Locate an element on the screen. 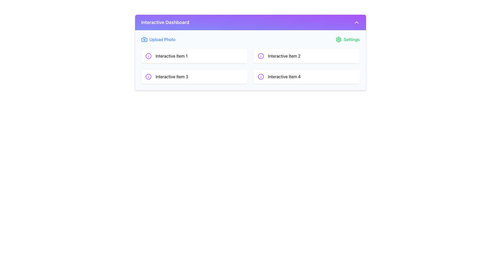 This screenshot has height=279, width=496. the upward-pointing chevron icon located at the top-right corner of the 'Interactive Dashboard' header is located at coordinates (356, 22).